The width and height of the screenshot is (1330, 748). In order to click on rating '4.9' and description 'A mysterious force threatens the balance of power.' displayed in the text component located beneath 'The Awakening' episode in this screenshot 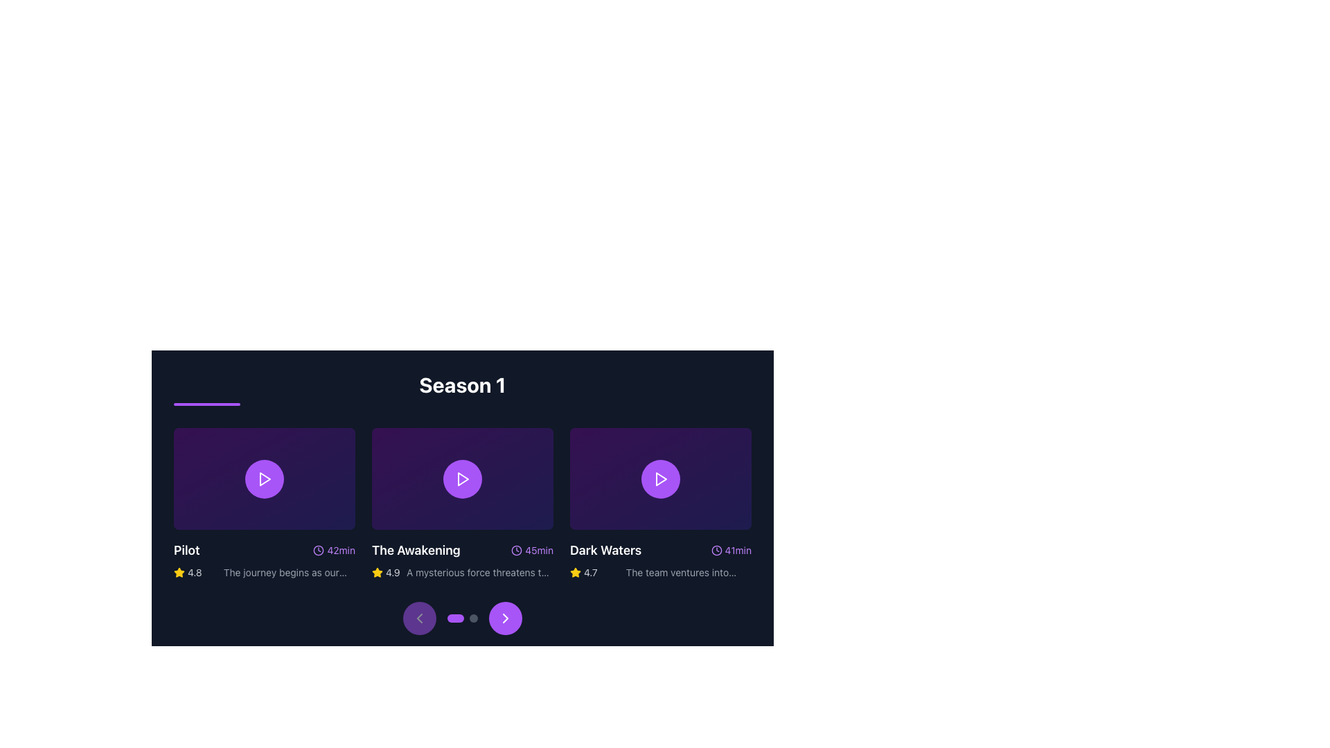, I will do `click(462, 572)`.